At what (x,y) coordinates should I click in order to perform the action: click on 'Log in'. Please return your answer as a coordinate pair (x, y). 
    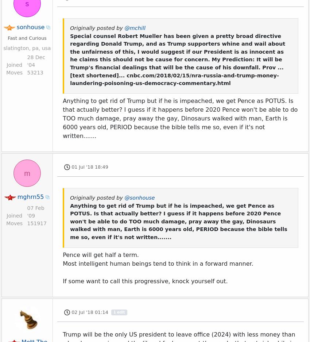
    Looking at the image, I should click on (15, 311).